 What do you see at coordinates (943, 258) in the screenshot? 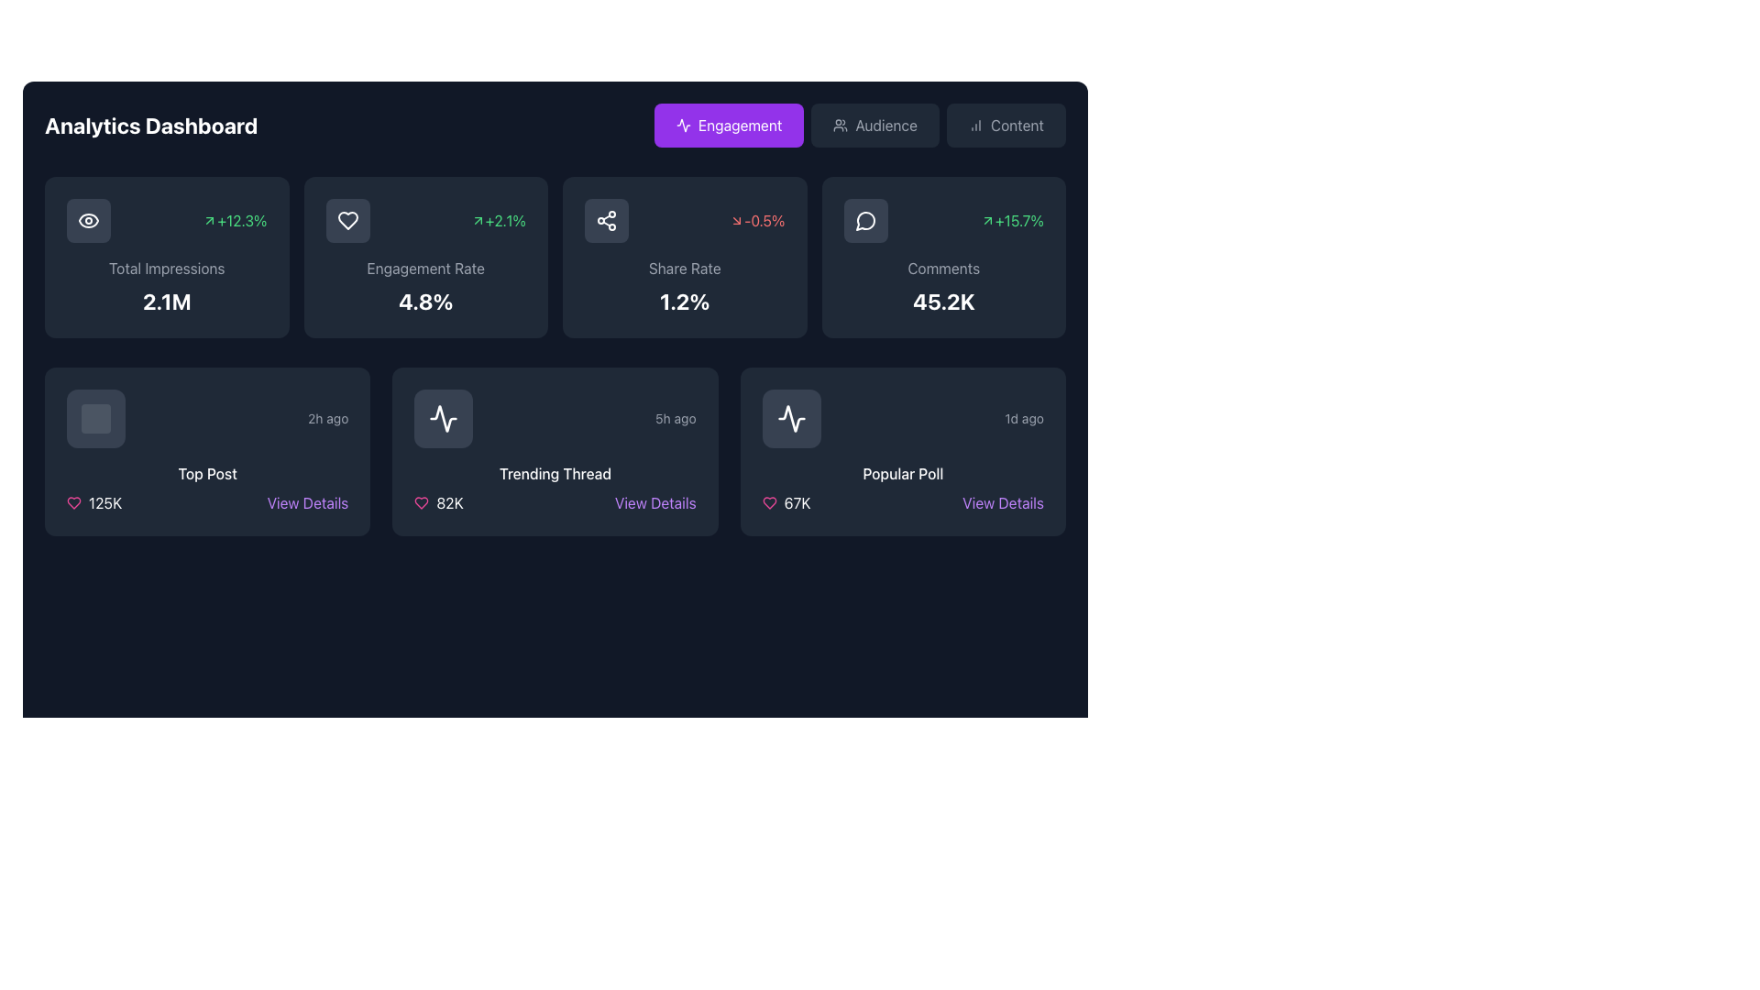
I see `the Interactive data display box located in the fourth column of the grid, which features a speech bubble icon and displays 'Comments' and '45.2K'` at bounding box center [943, 258].